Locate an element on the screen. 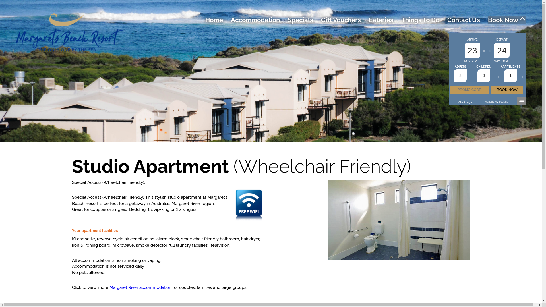  'Home' is located at coordinates (214, 19).